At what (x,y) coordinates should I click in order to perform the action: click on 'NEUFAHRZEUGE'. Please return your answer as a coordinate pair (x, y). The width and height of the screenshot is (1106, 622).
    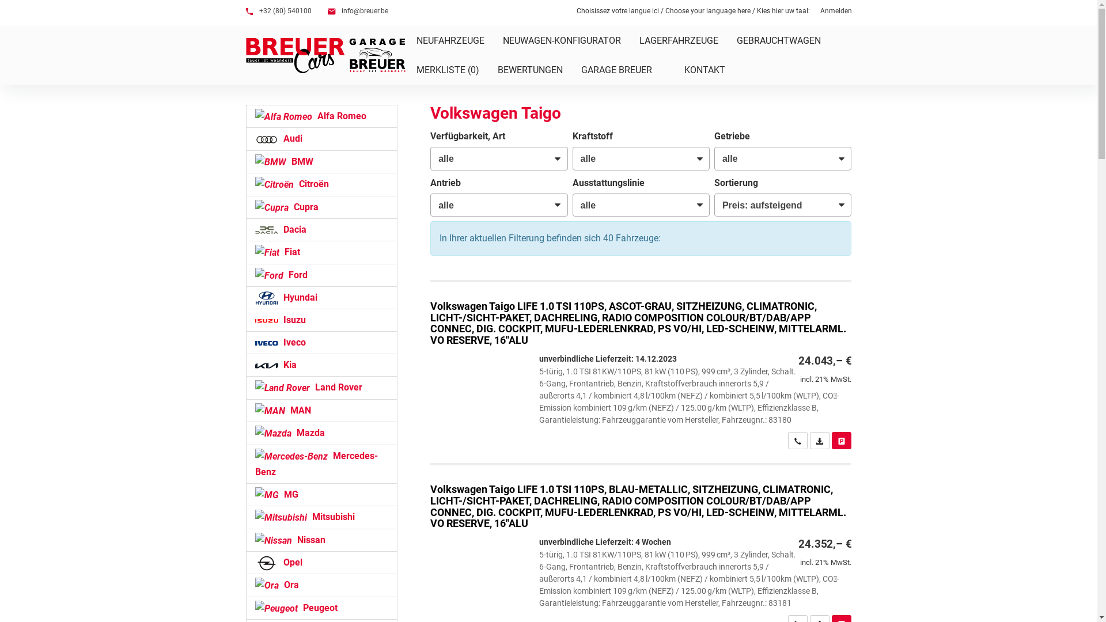
    Looking at the image, I should click on (449, 40).